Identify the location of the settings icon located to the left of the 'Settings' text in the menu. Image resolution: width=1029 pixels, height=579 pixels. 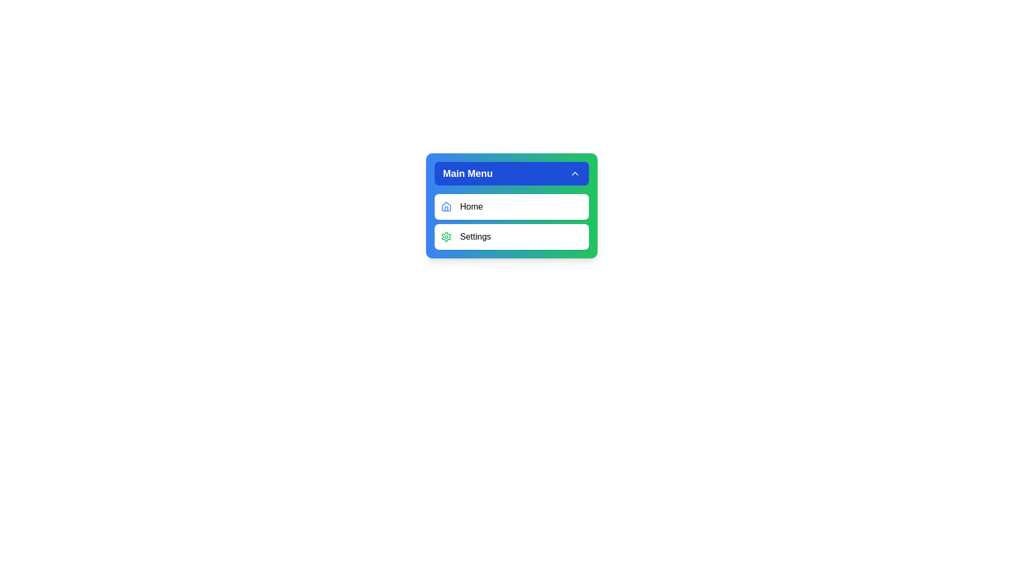
(446, 236).